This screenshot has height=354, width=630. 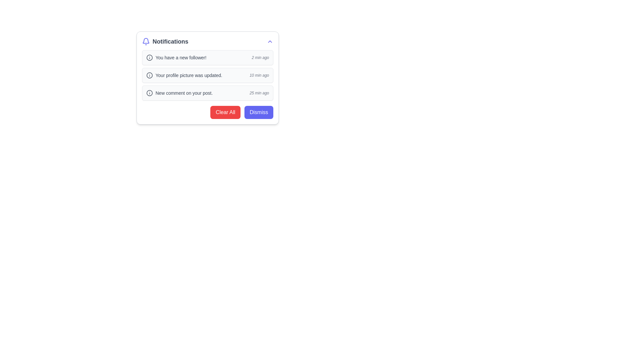 I want to click on on the topmost notification item in the notification panel, so click(x=207, y=57).